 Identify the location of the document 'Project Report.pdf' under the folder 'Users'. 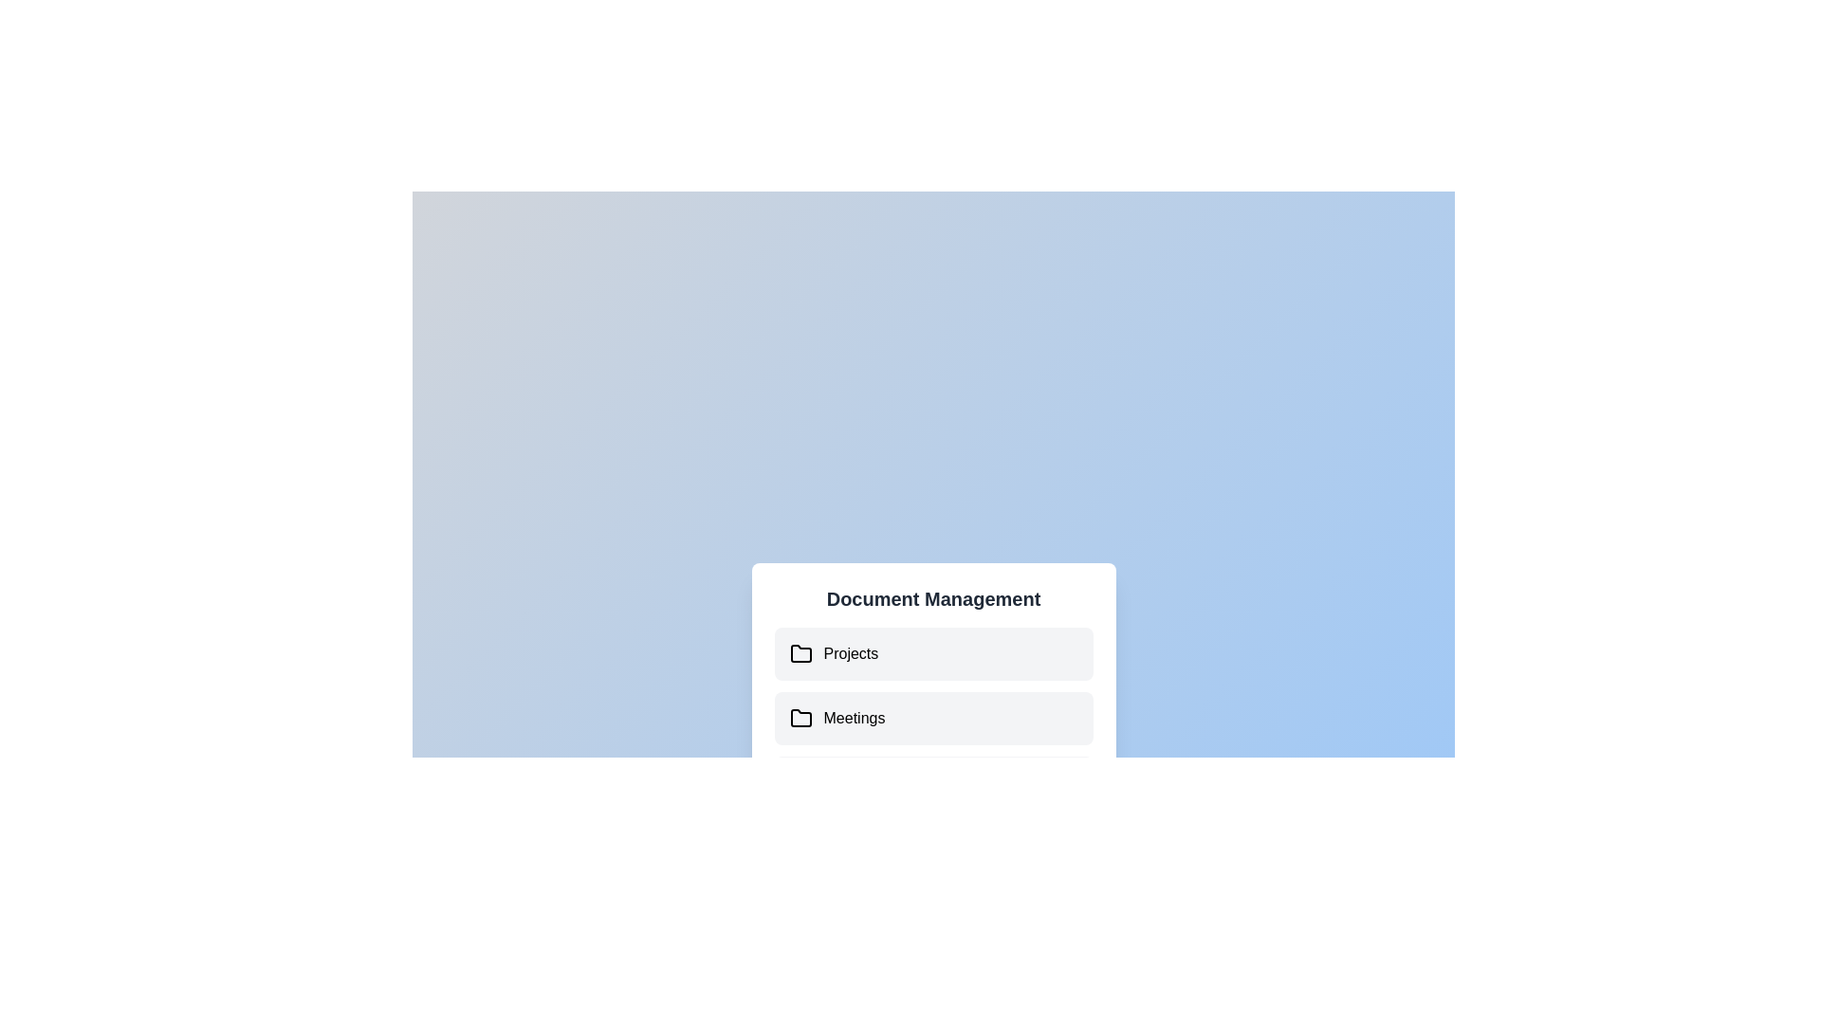
(933, 782).